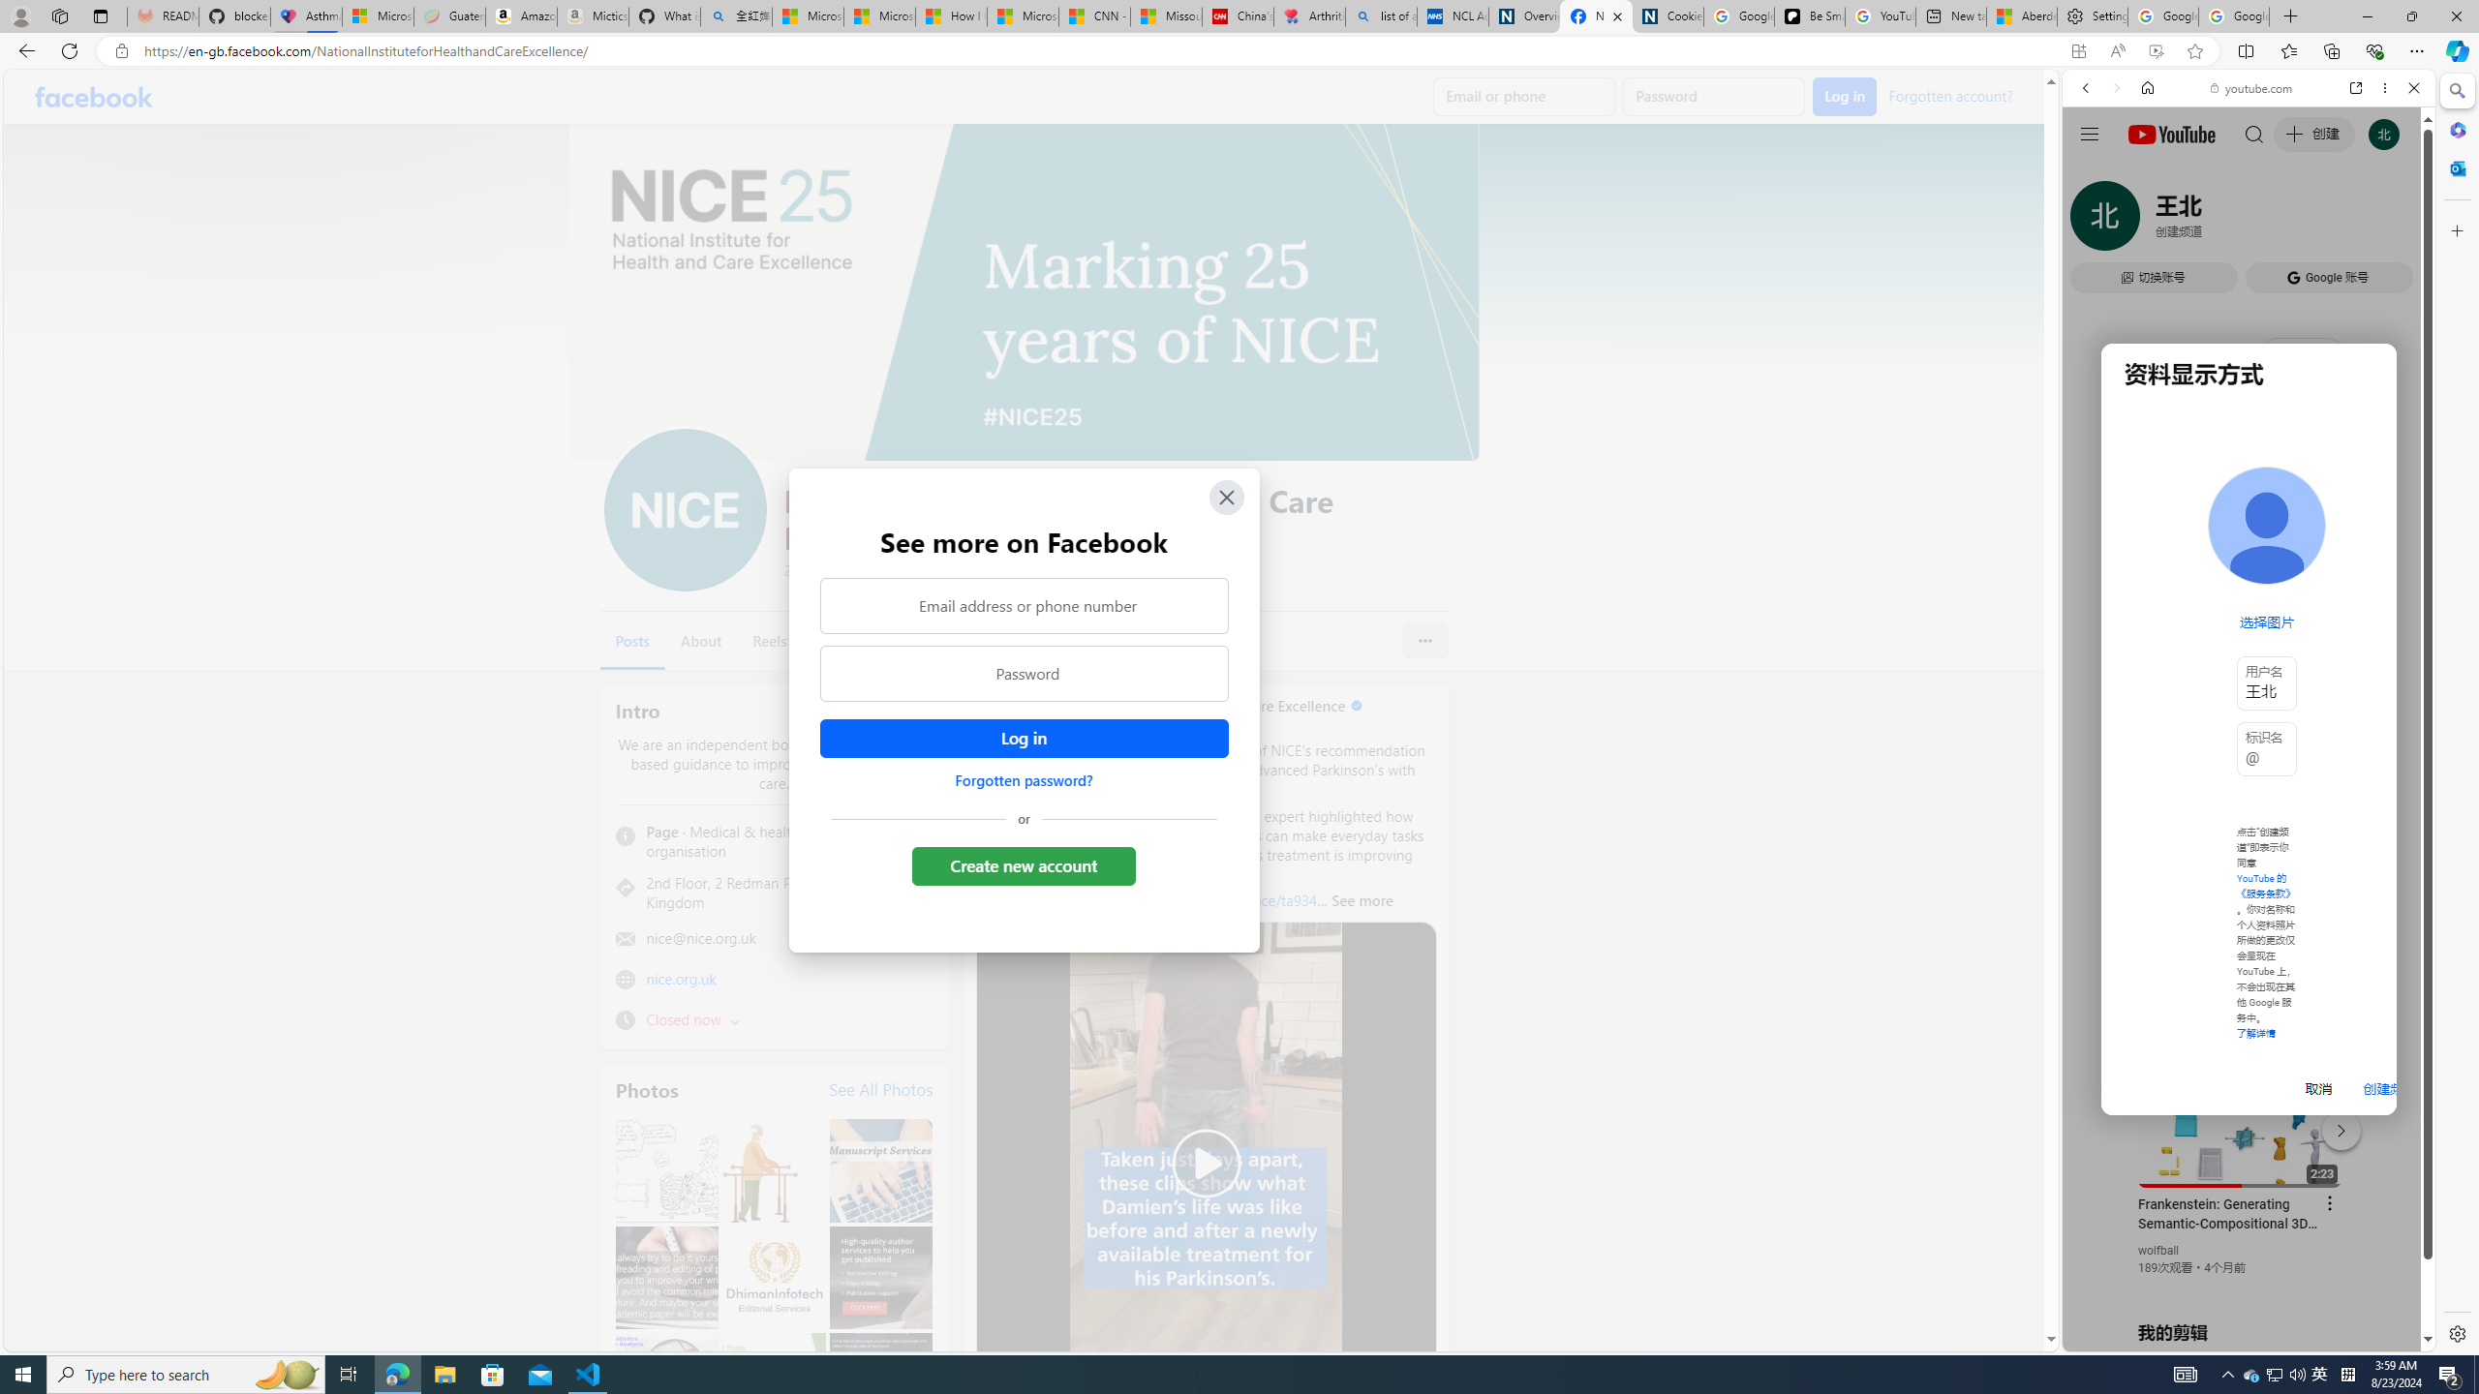 This screenshot has width=2479, height=1394. What do you see at coordinates (1024, 864) in the screenshot?
I see `'Create new account'` at bounding box center [1024, 864].